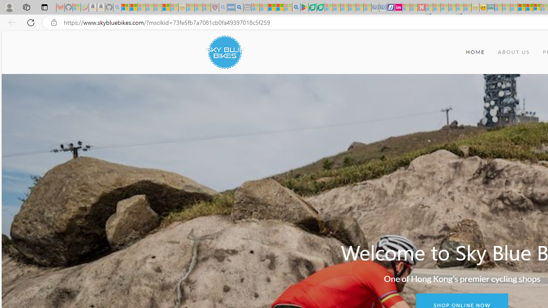  Describe the element at coordinates (398, 7) in the screenshot. I see `'Jobs - lastminute.com Investor Portal'` at that location.